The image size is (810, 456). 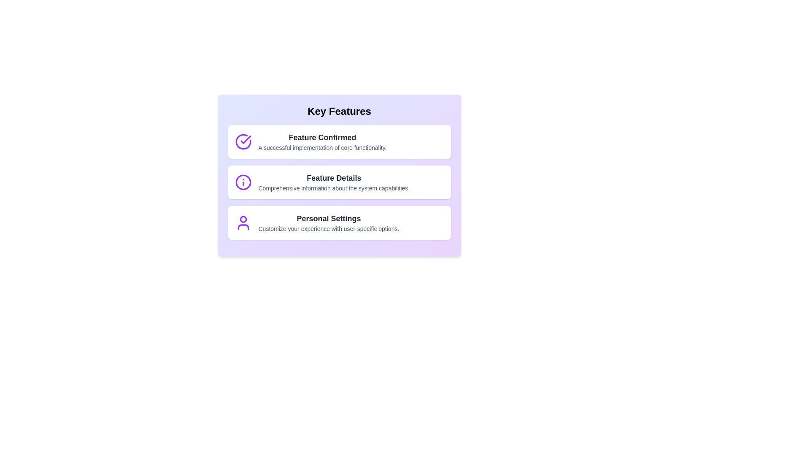 I want to click on the icon corresponding to Feature Details to interact with it, so click(x=243, y=182).